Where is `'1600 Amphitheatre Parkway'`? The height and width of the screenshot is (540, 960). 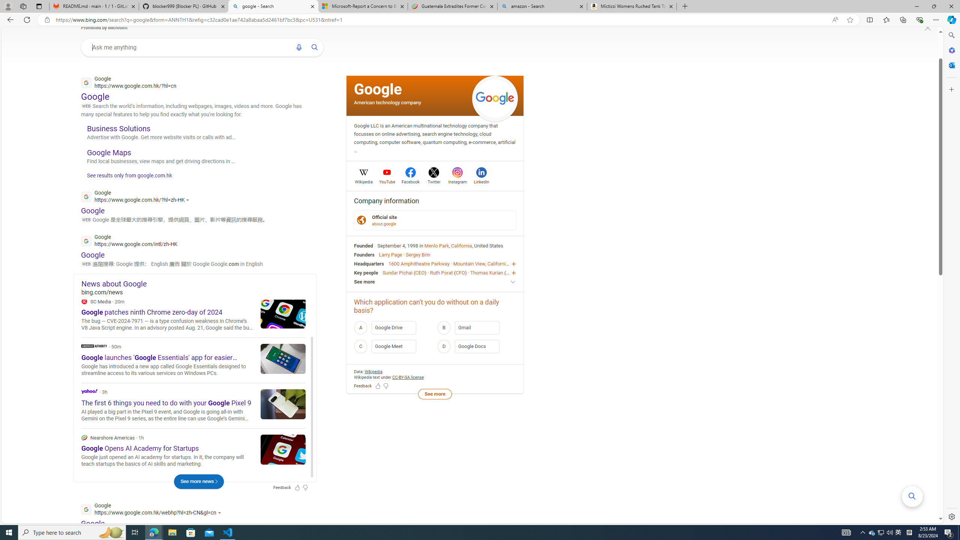 '1600 Amphitheatre Parkway' is located at coordinates (418, 263).